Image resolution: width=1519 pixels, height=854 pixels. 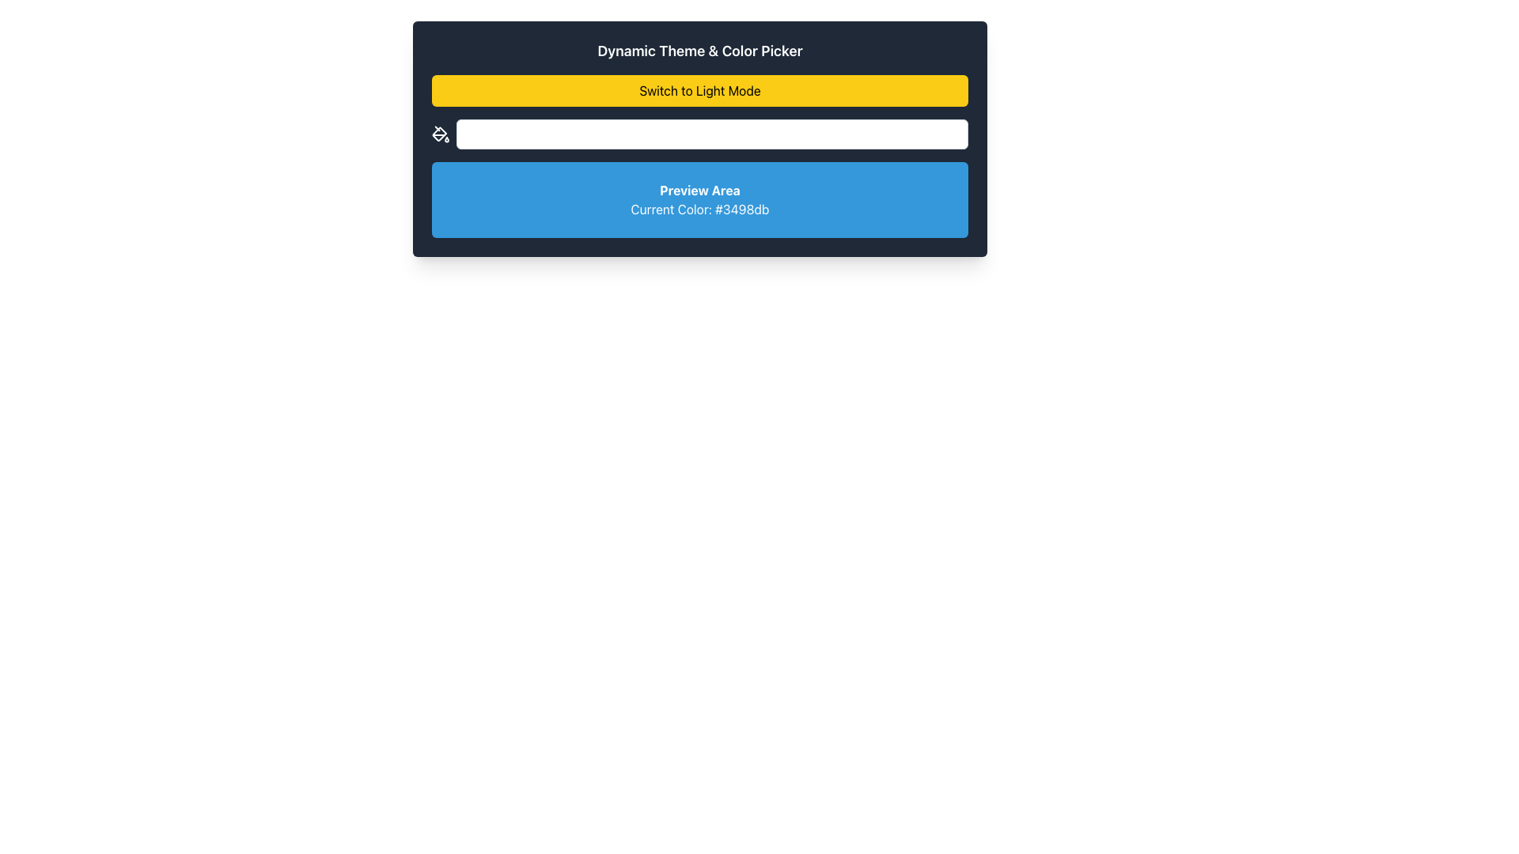 I want to click on the downward triangular shaped graphic icon located near the top-left corner of the white text input field, so click(x=439, y=133).